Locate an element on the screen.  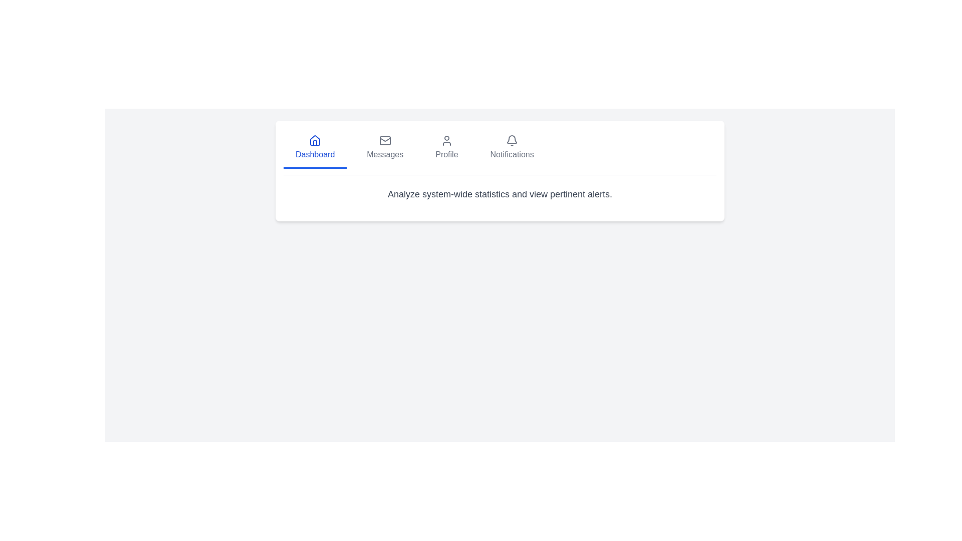
the Profile tab by clicking on its respective label is located at coordinates (446, 149).